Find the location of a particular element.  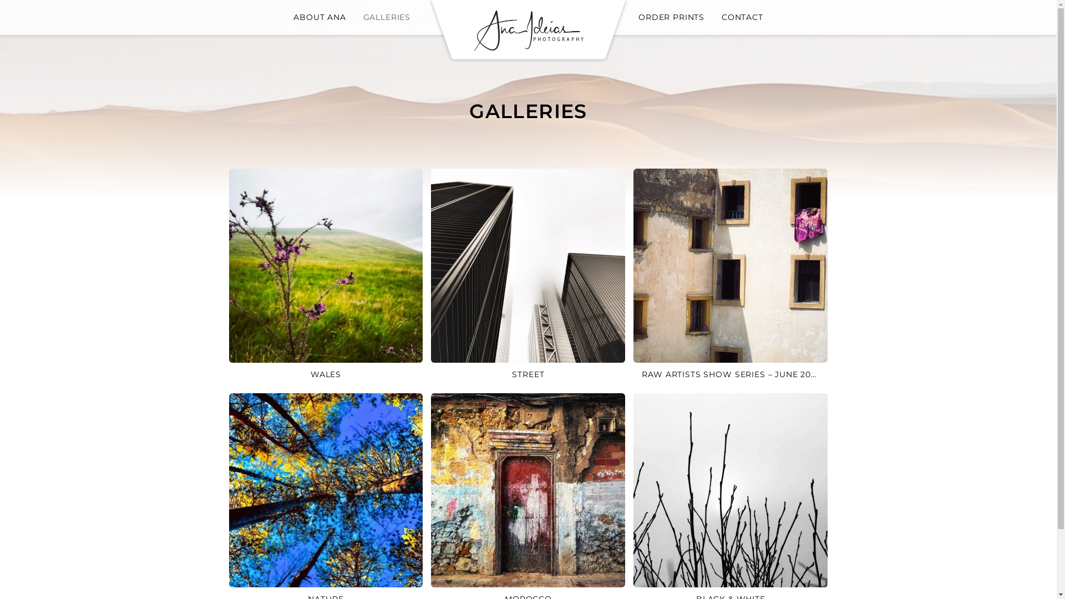

'WALES' is located at coordinates (324, 276).